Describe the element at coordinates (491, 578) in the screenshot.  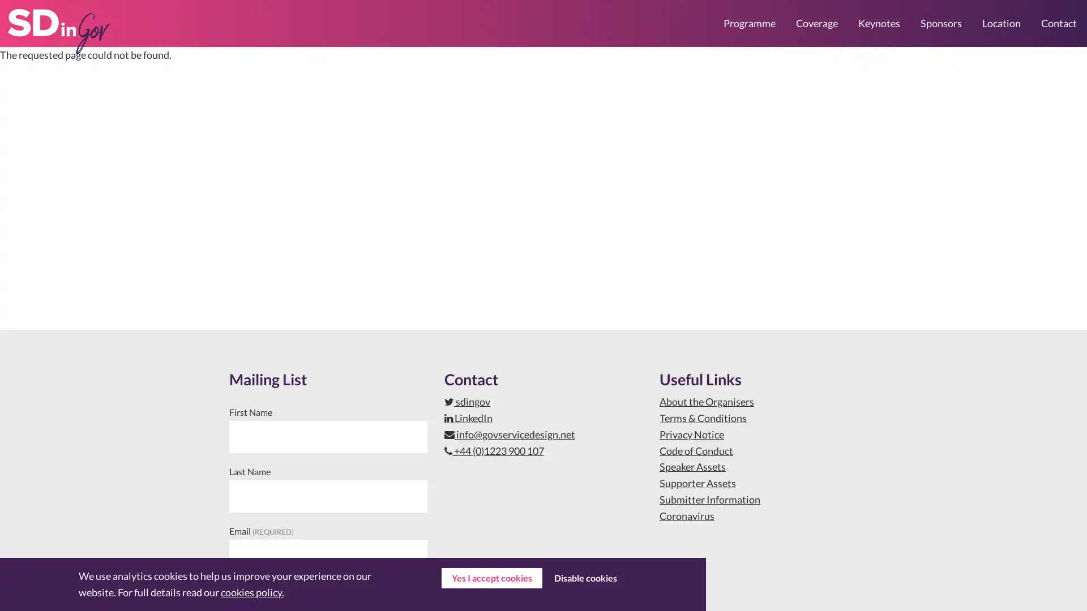
I see `Yes I accept cookies` at that location.